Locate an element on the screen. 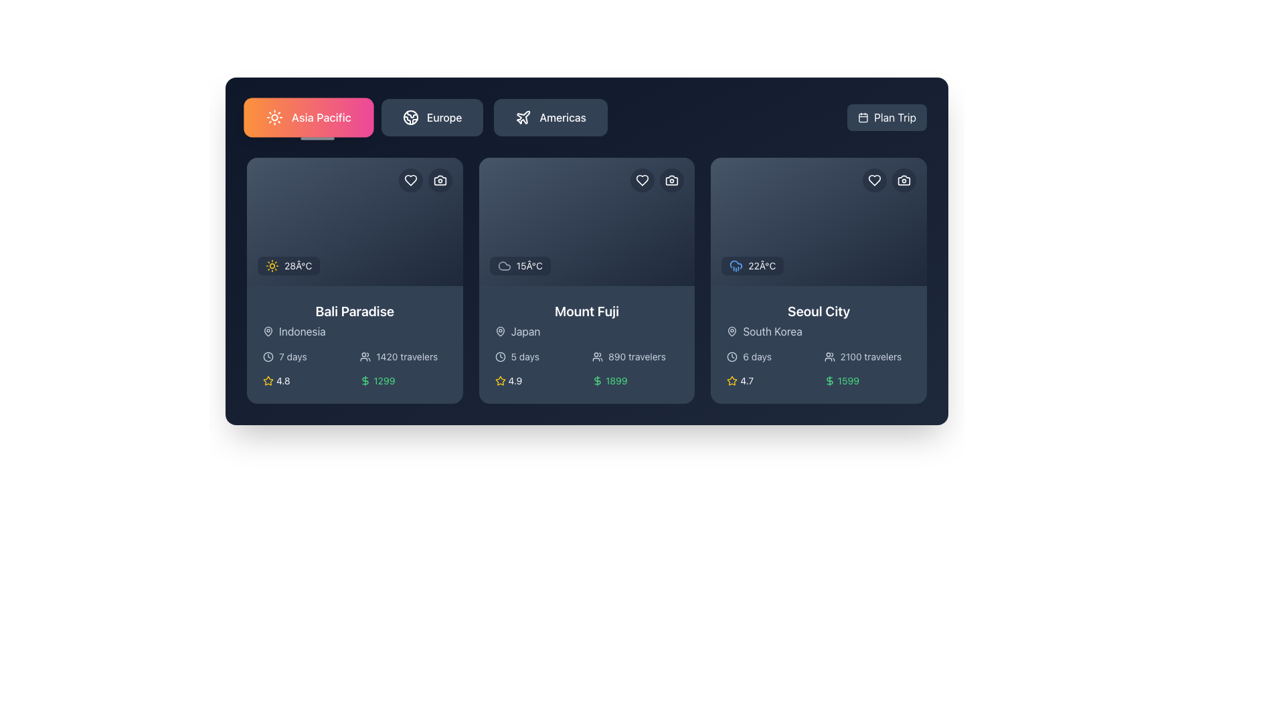 The image size is (1285, 722). the plane icon in the top navigation area under the 'America' category, which represents travel or flight-related features is located at coordinates (523, 116).